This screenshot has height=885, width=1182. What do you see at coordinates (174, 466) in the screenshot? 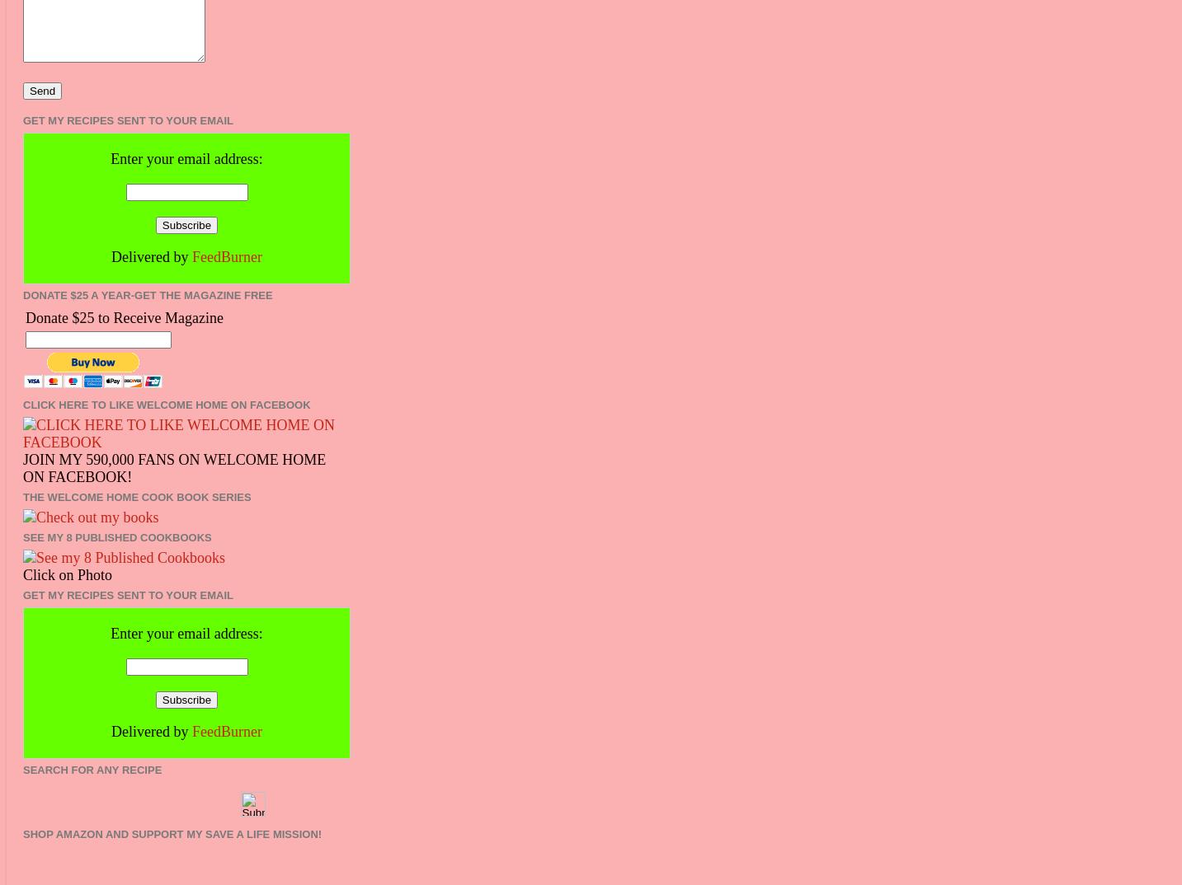
I see `'JOIN MY 590,000 FANS ON WELCOME HOME ON FACEBOOK!'` at bounding box center [174, 466].